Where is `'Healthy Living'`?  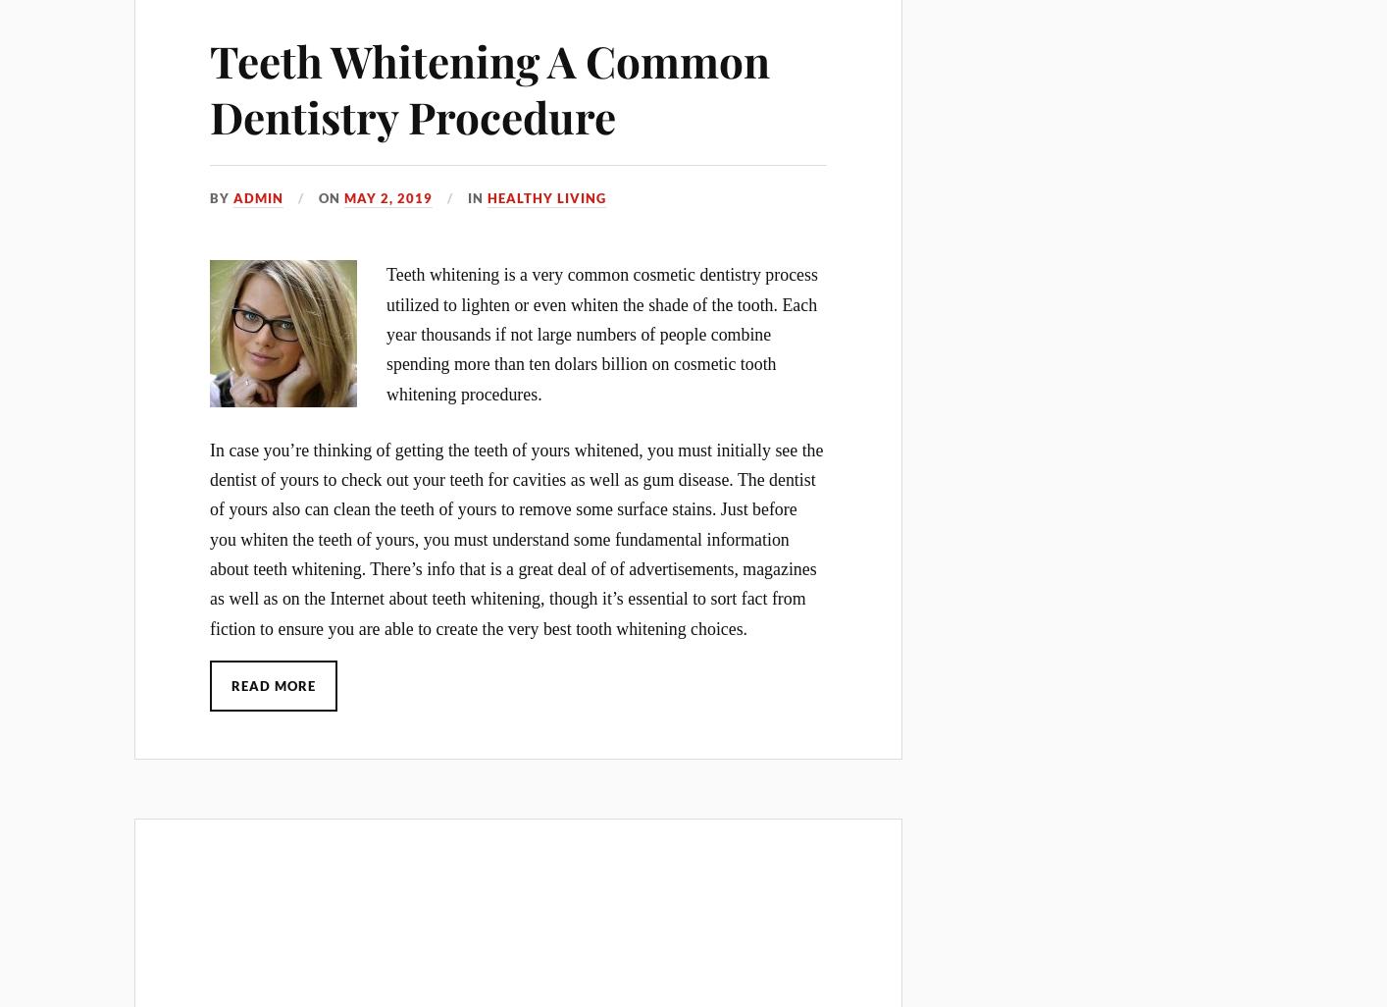 'Healthy Living' is located at coordinates (546, 195).